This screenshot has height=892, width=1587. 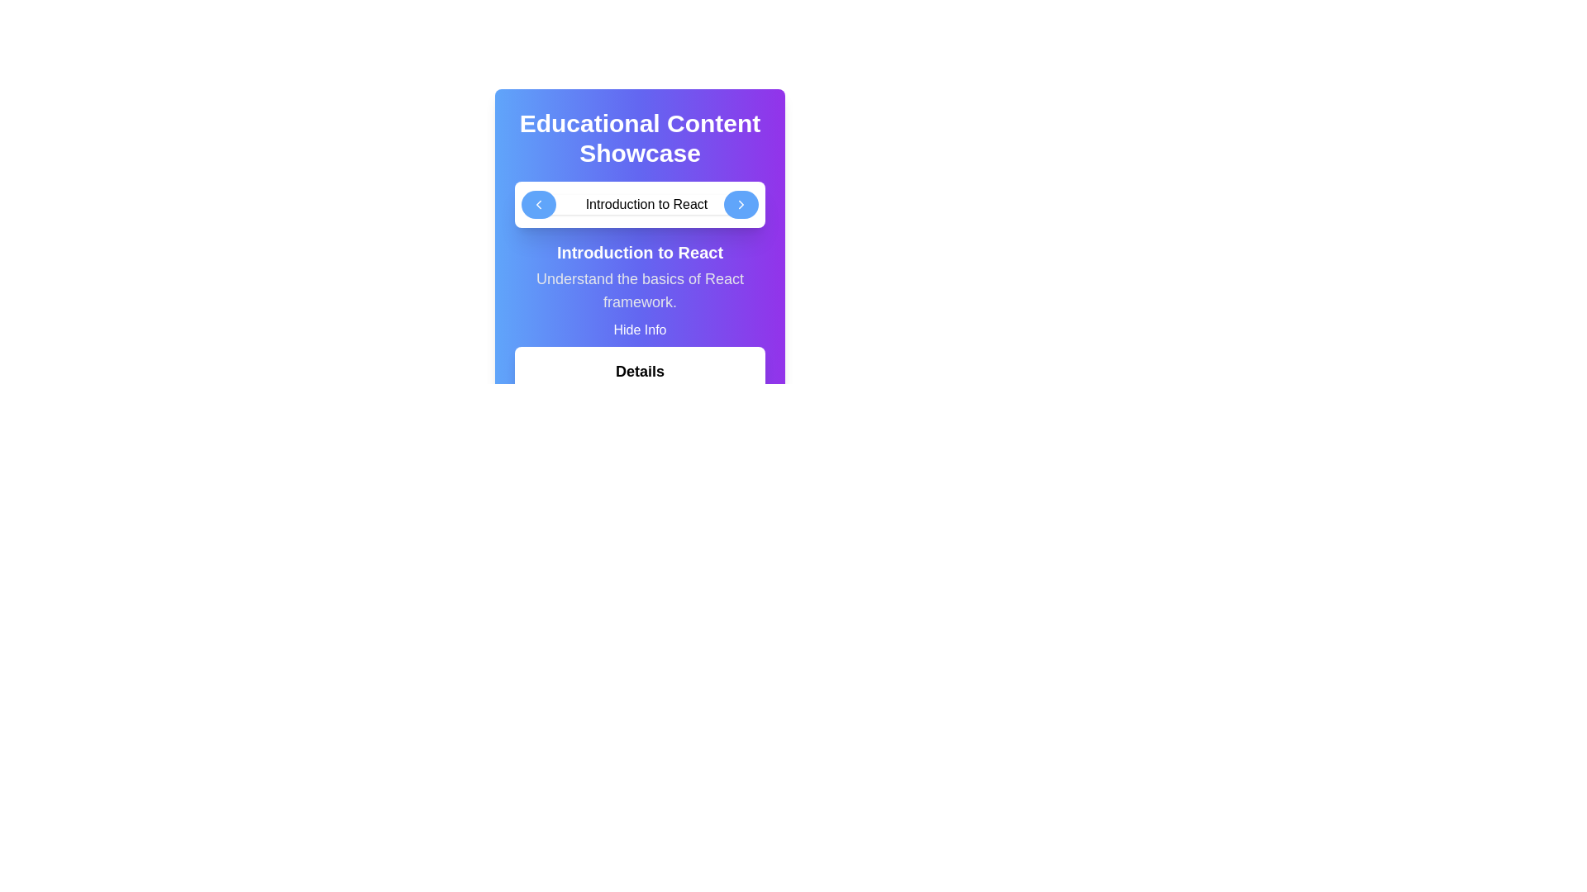 What do you see at coordinates (639, 203) in the screenshot?
I see `the rectangular image with rounded corners displaying a placeholder related to 'Introduction to React', located in the center of the 'Educational Content Showcase' card` at bounding box center [639, 203].